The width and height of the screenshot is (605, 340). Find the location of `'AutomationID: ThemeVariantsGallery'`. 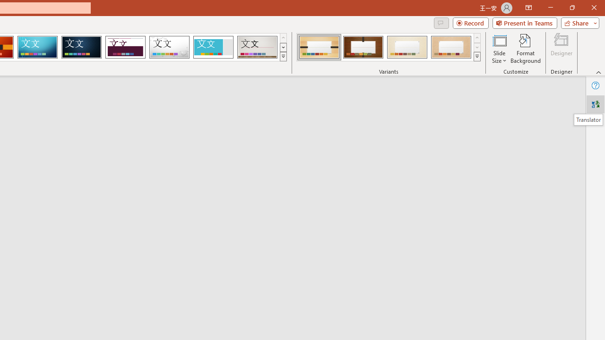

'AutomationID: ThemeVariantsGallery' is located at coordinates (389, 47).